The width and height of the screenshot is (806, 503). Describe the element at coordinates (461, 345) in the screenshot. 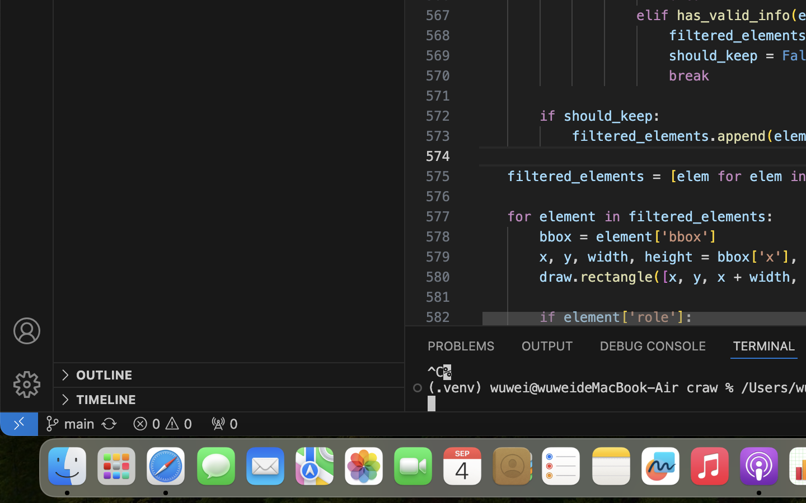

I see `'0 PROBLEMS'` at that location.